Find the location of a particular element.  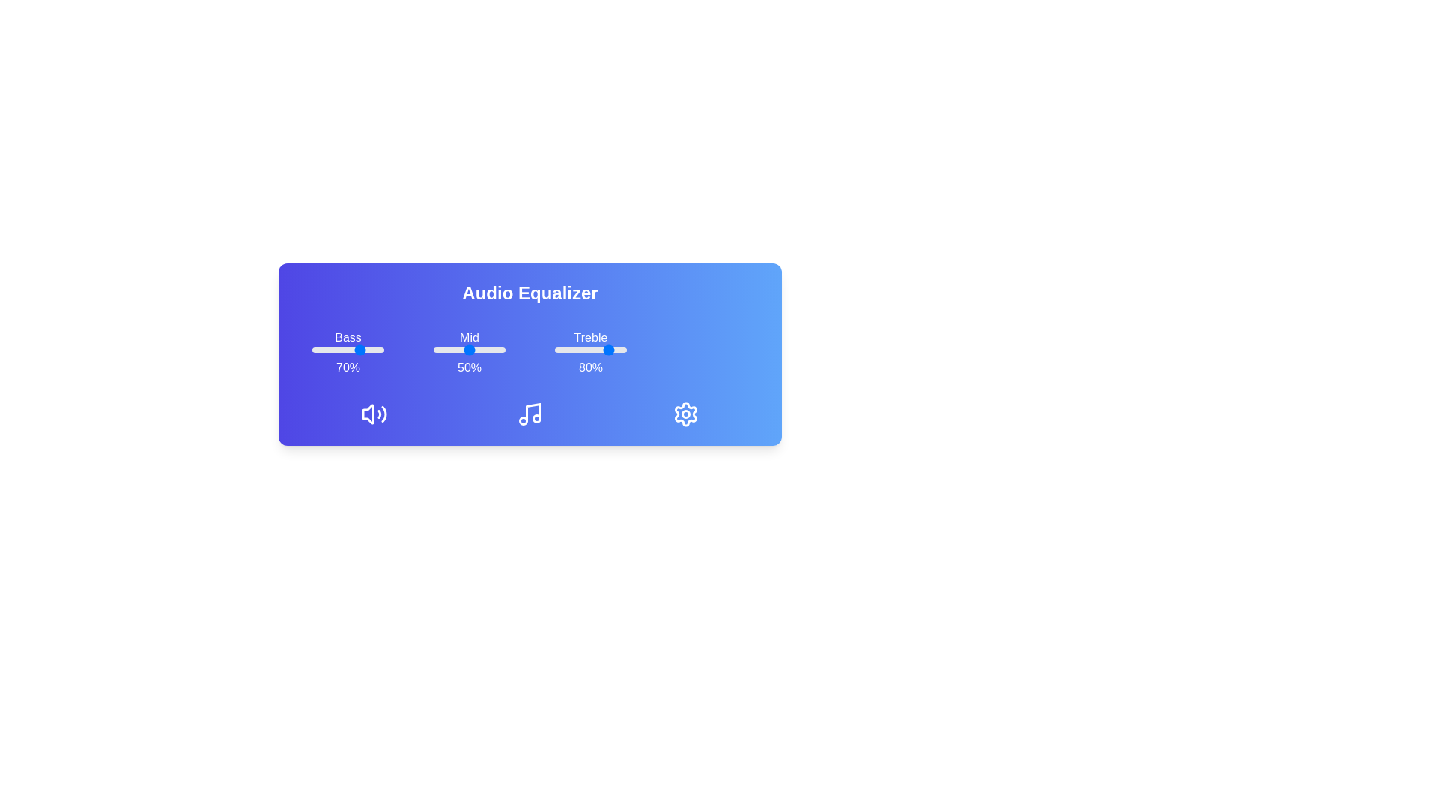

the bass slider to 44%, where 44 is a value between 0 and 100 is located at coordinates (343, 349).